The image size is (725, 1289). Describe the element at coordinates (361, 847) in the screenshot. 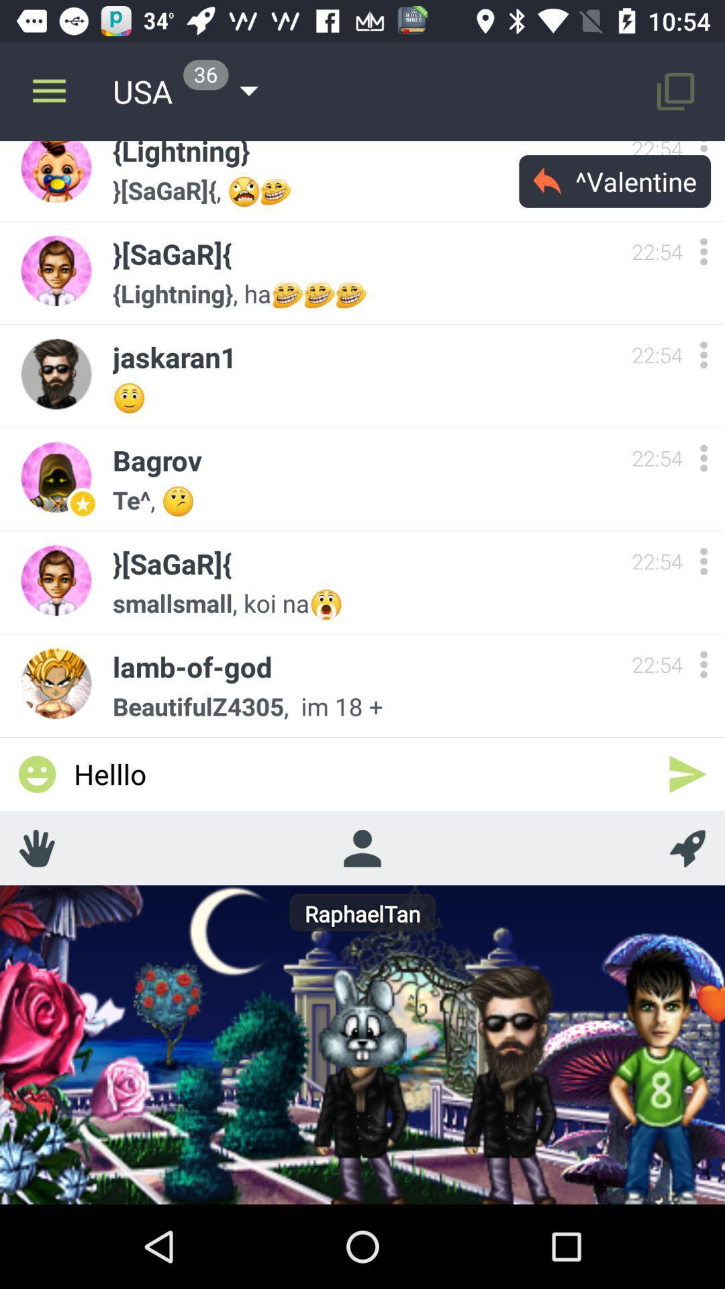

I see `contact` at that location.